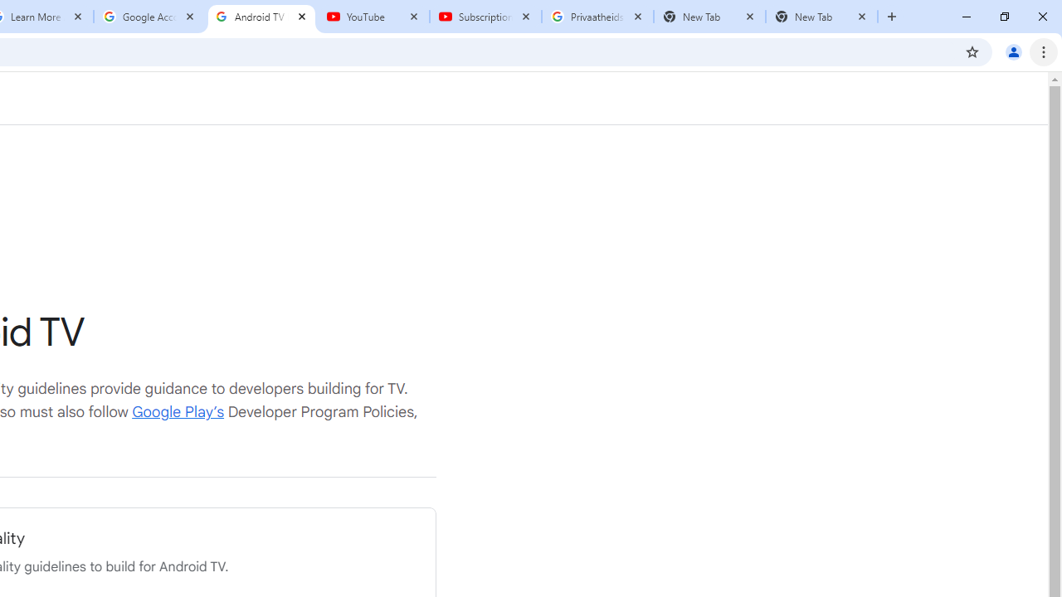 This screenshot has height=597, width=1062. Describe the element at coordinates (149, 17) in the screenshot. I see `'Google Account'` at that location.